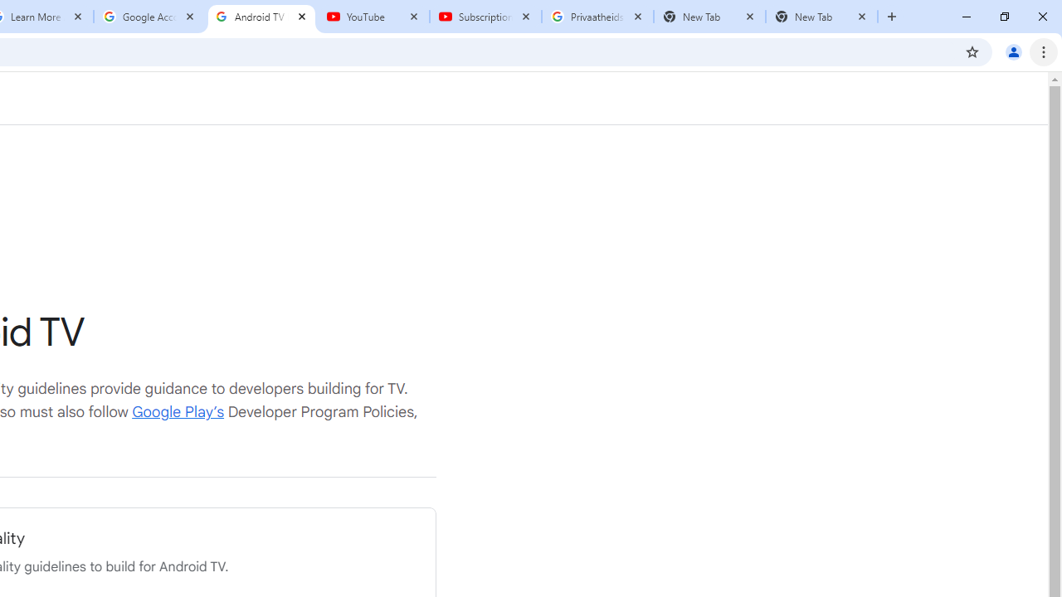 This screenshot has height=597, width=1062. Describe the element at coordinates (149, 17) in the screenshot. I see `'Google Account'` at that location.